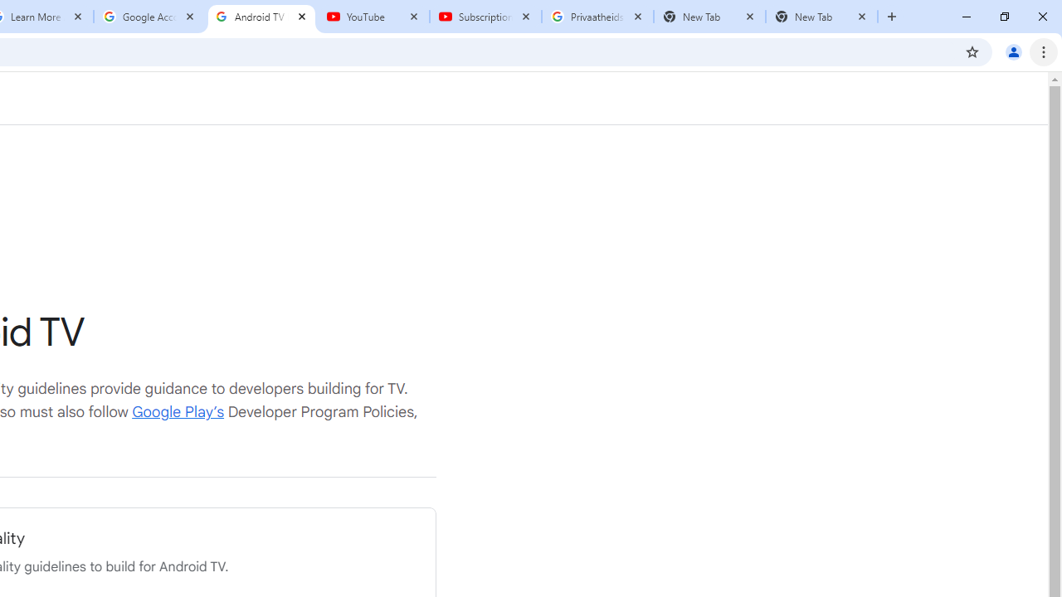 This screenshot has height=597, width=1062. Describe the element at coordinates (149, 17) in the screenshot. I see `'Google Account'` at that location.